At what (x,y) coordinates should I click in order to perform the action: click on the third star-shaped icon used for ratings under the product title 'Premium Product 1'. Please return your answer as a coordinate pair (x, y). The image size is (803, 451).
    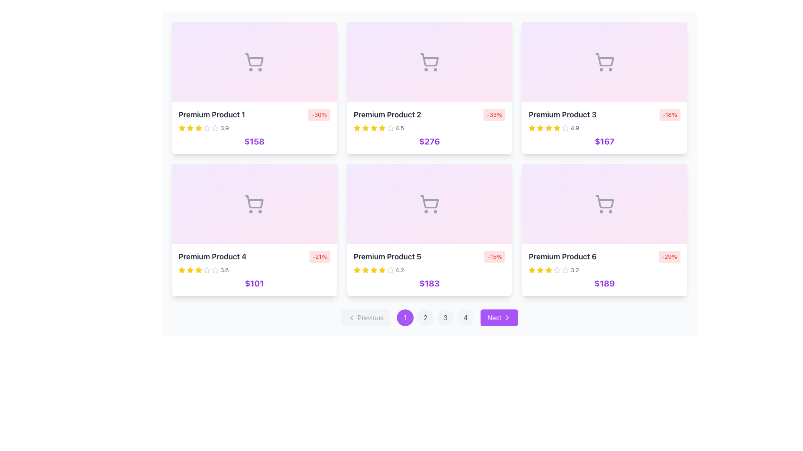
    Looking at the image, I should click on (207, 128).